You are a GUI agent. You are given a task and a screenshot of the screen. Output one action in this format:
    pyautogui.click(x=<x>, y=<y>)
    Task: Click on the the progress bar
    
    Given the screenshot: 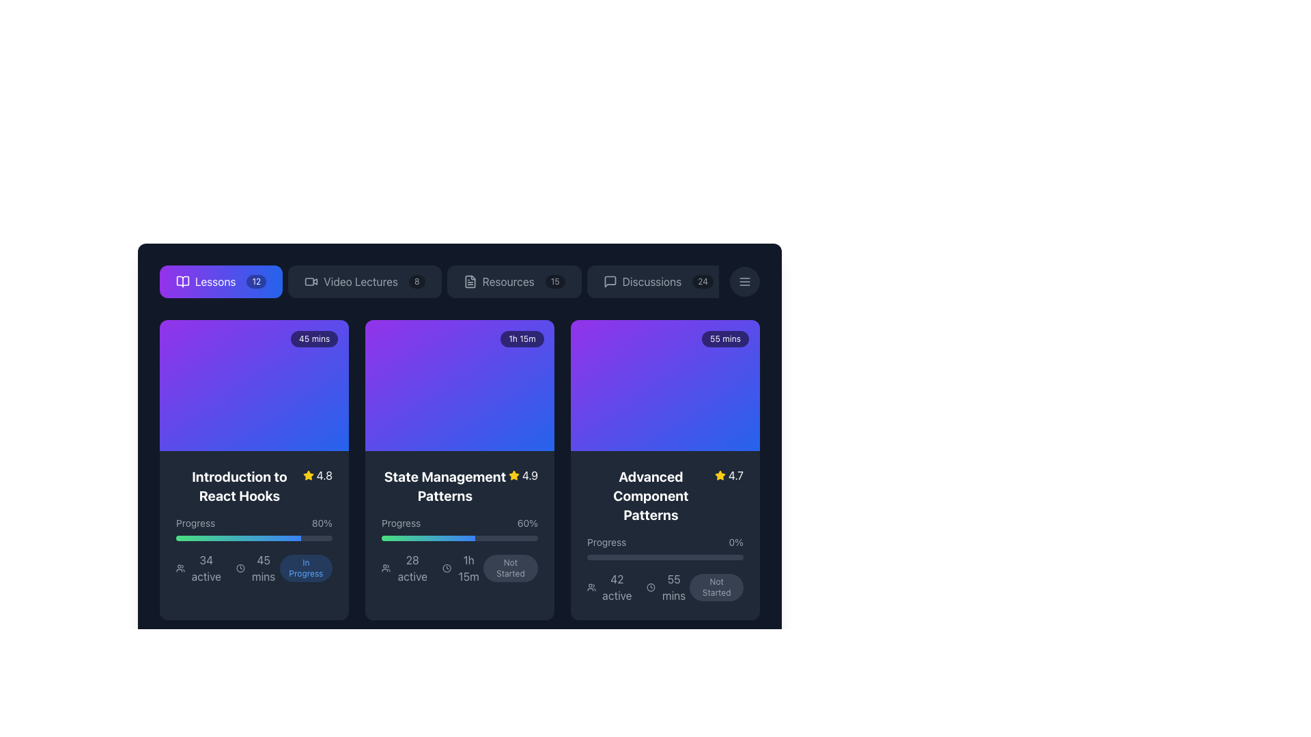 What is the action you would take?
    pyautogui.click(x=305, y=538)
    